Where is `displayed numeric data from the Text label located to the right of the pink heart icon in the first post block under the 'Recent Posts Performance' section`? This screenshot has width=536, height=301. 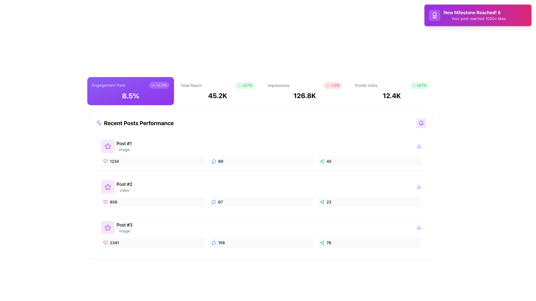 displayed numeric data from the Text label located to the right of the pink heart icon in the first post block under the 'Recent Posts Performance' section is located at coordinates (114, 161).